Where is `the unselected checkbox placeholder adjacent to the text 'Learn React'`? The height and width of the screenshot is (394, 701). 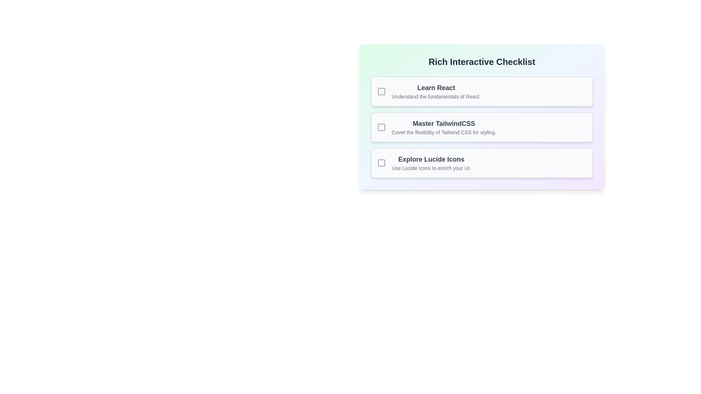
the unselected checkbox placeholder adjacent to the text 'Learn React' is located at coordinates (381, 91).